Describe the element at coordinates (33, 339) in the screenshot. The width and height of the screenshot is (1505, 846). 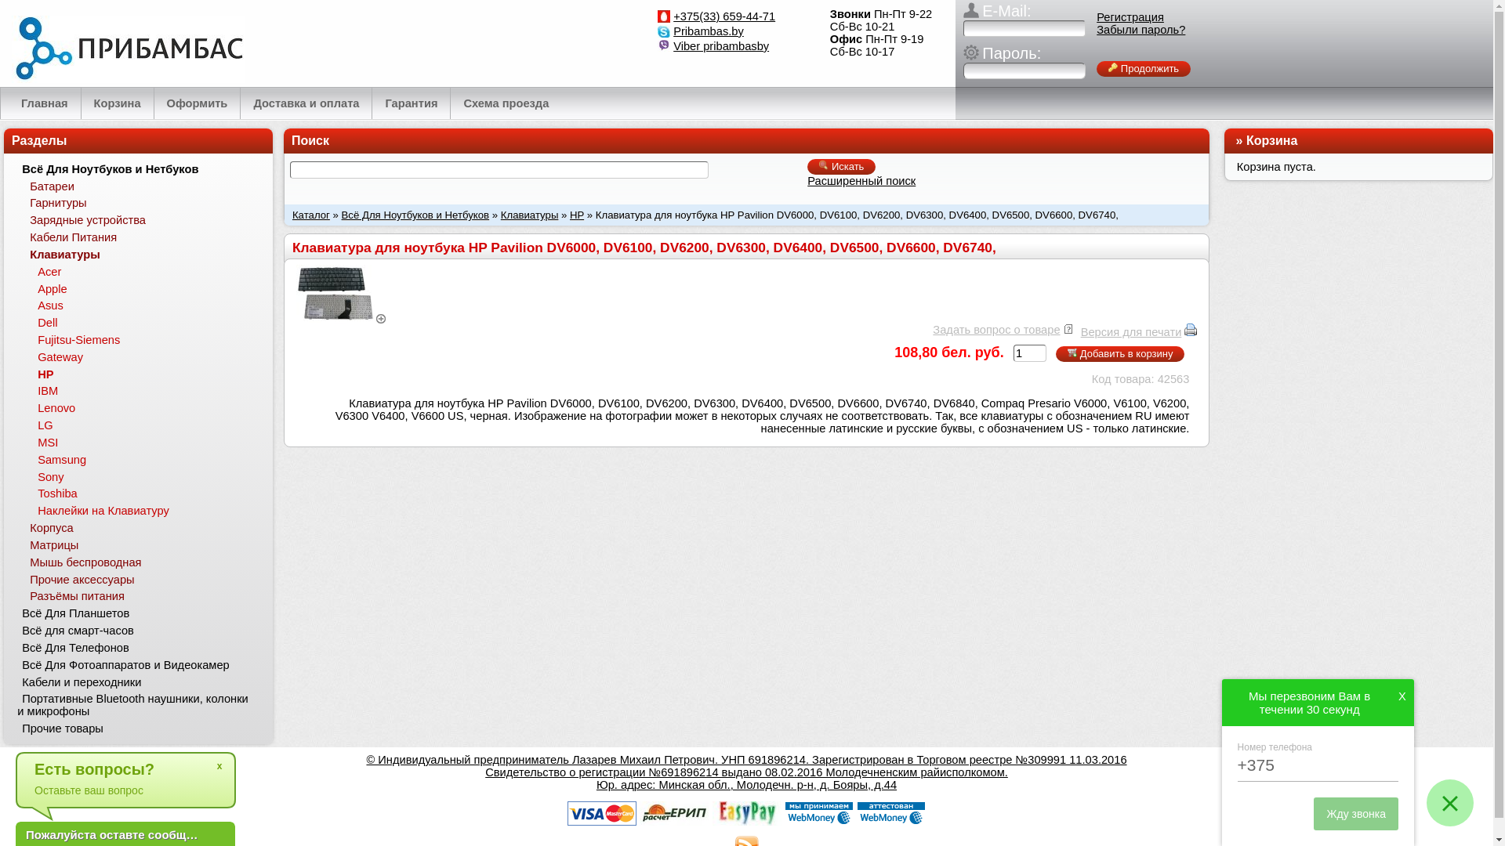
I see `'Fujitsu-Siemens'` at that location.